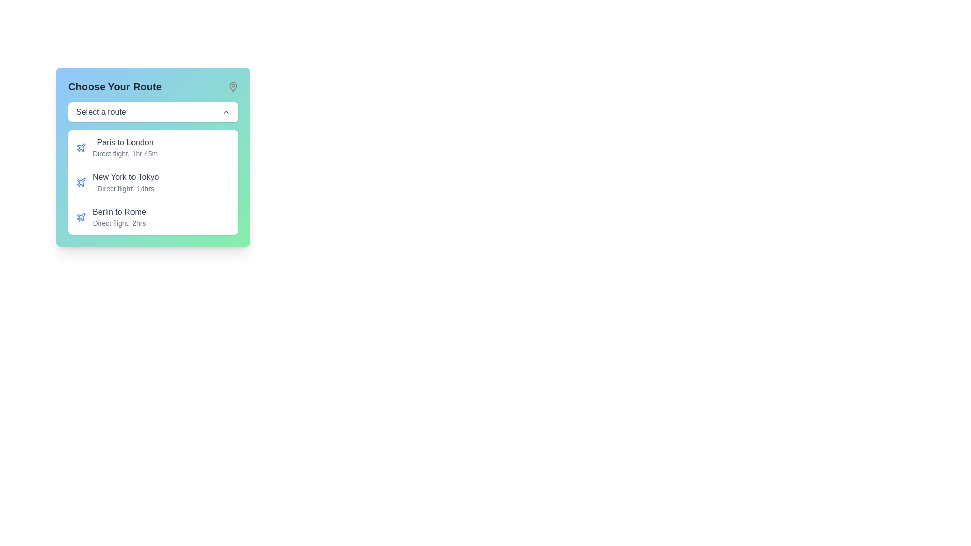 This screenshot has height=546, width=971. What do you see at coordinates (117, 183) in the screenshot?
I see `the selectable route option that informs the user about a direct flight from New York to Tokyo, lasting 14 hours` at bounding box center [117, 183].